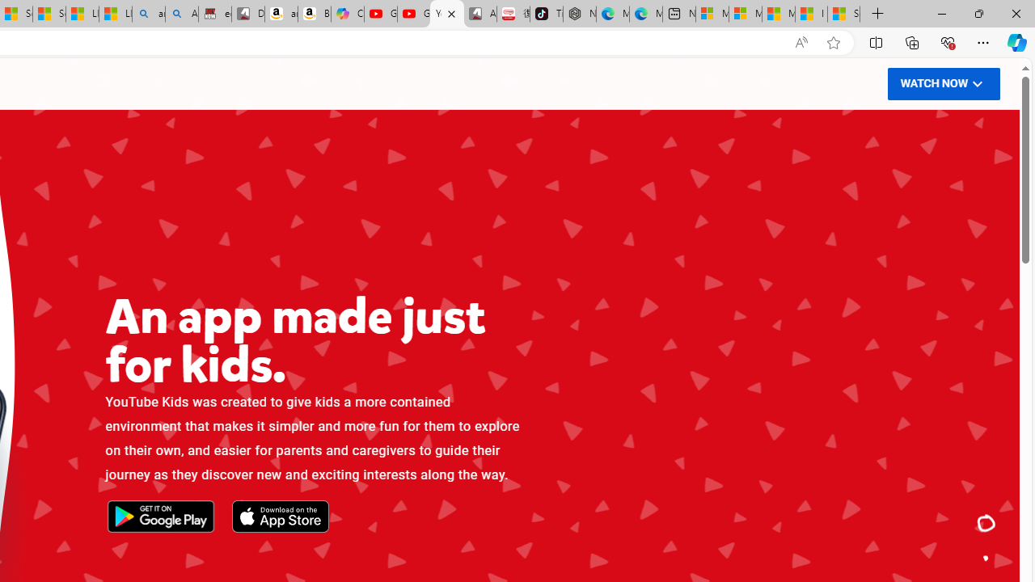  What do you see at coordinates (181, 14) in the screenshot?
I see `'Amazon Echo Dot PNG - Search Images'` at bounding box center [181, 14].